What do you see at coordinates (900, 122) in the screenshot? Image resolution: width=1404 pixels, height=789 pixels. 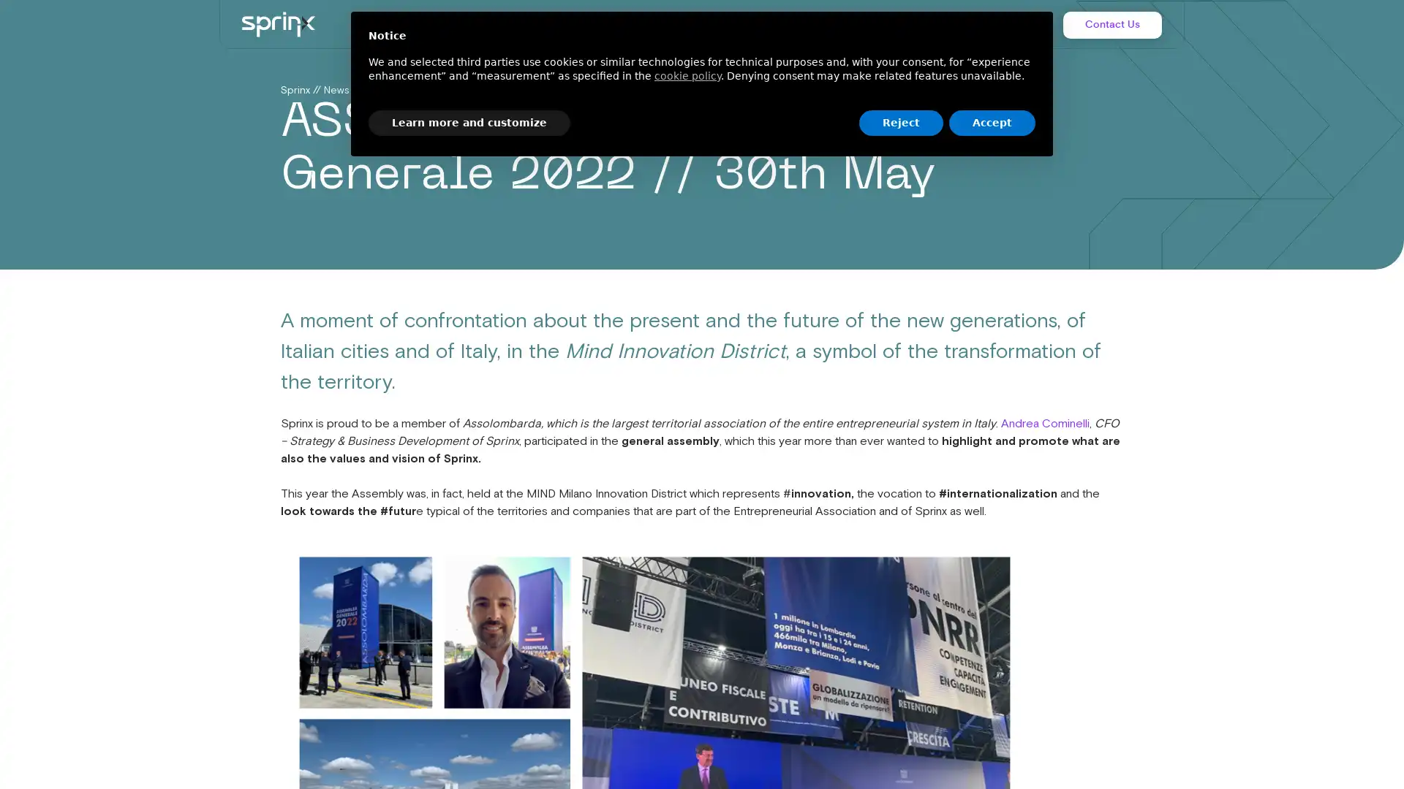 I see `Reject` at bounding box center [900, 122].